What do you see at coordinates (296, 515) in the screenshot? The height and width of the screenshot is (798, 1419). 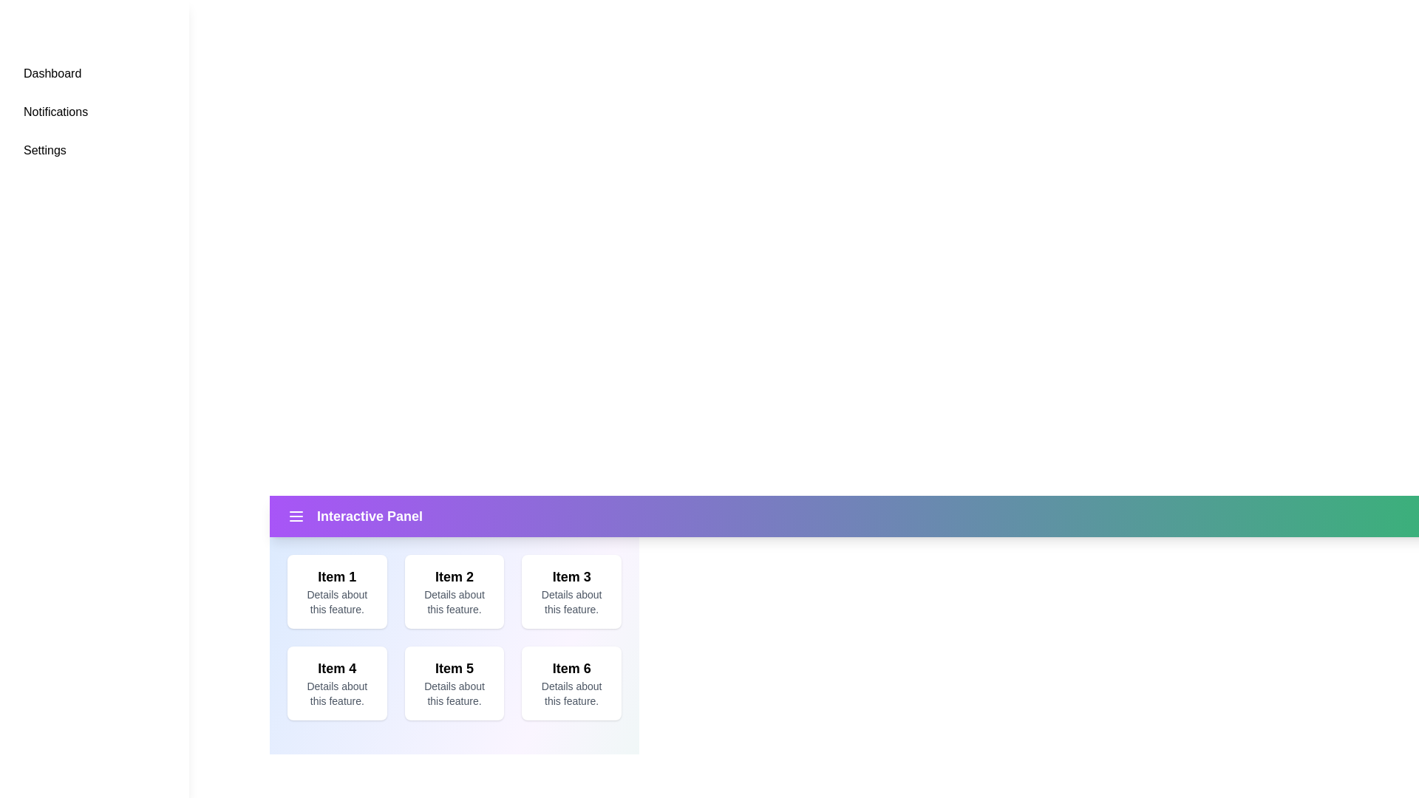 I see `the menu button located in the purple header of the Interactive Panel` at bounding box center [296, 515].